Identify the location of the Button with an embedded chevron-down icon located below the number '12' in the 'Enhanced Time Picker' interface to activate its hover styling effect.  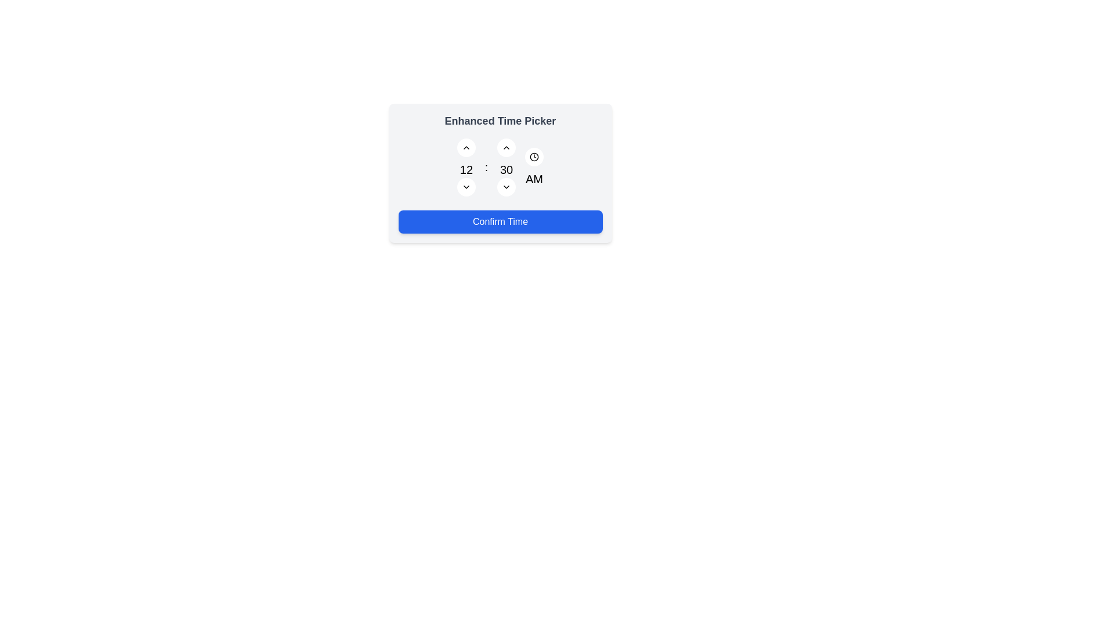
(466, 187).